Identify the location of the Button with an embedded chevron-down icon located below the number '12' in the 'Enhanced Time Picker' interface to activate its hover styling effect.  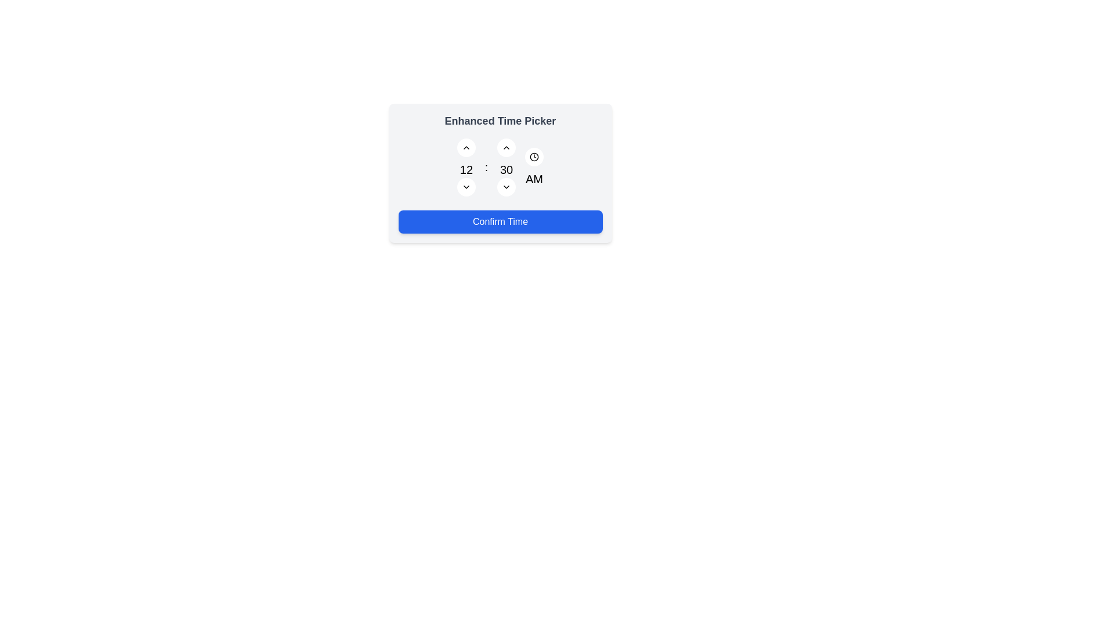
(466, 187).